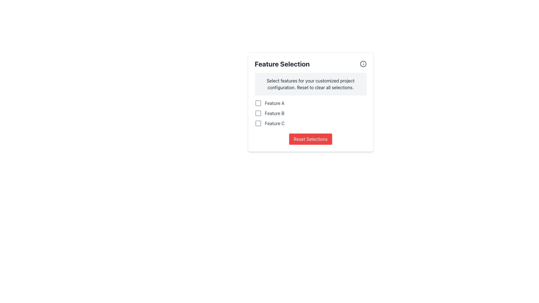 The height and width of the screenshot is (303, 539). What do you see at coordinates (310, 84) in the screenshot?
I see `the text element with the message 'Select features for your customized project configuration. Reset to clear all selections.' located in the 'Feature Selection' panel` at bounding box center [310, 84].